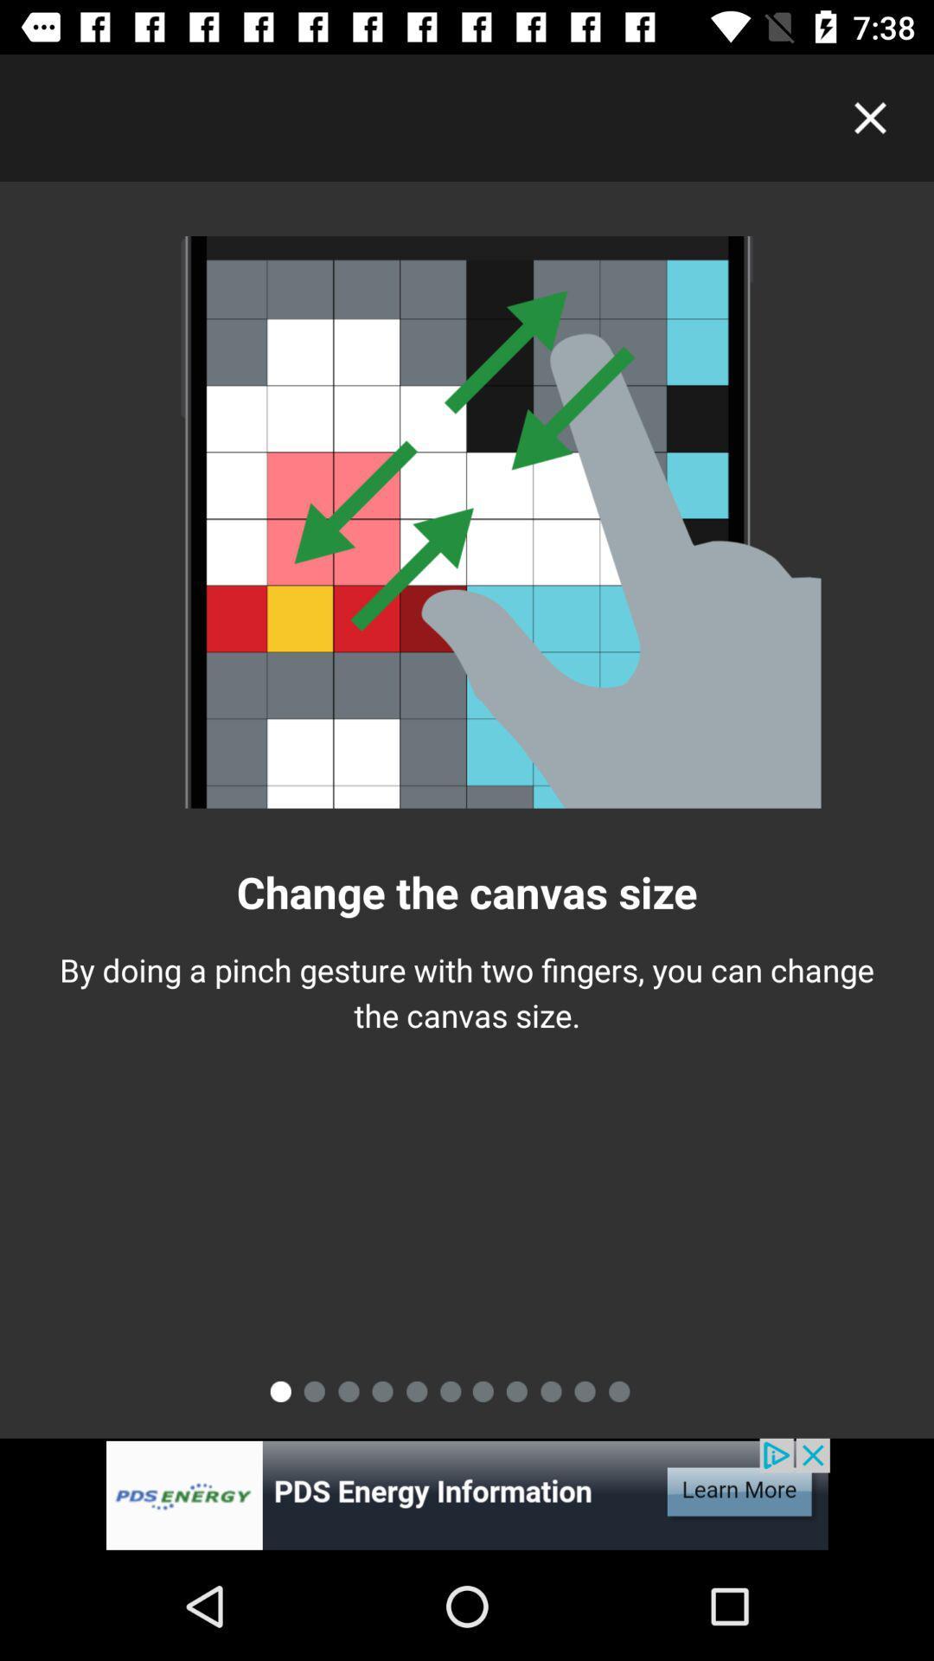  I want to click on advertisement, so click(467, 1494).